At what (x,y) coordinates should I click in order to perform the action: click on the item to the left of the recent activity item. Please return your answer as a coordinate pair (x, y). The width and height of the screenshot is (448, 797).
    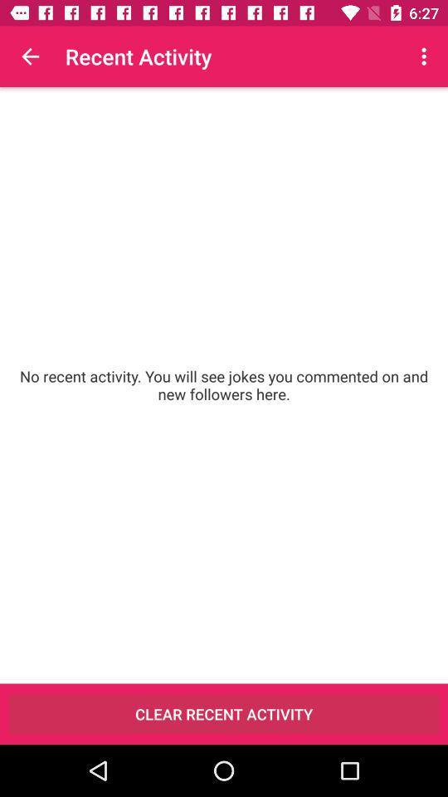
    Looking at the image, I should click on (30, 56).